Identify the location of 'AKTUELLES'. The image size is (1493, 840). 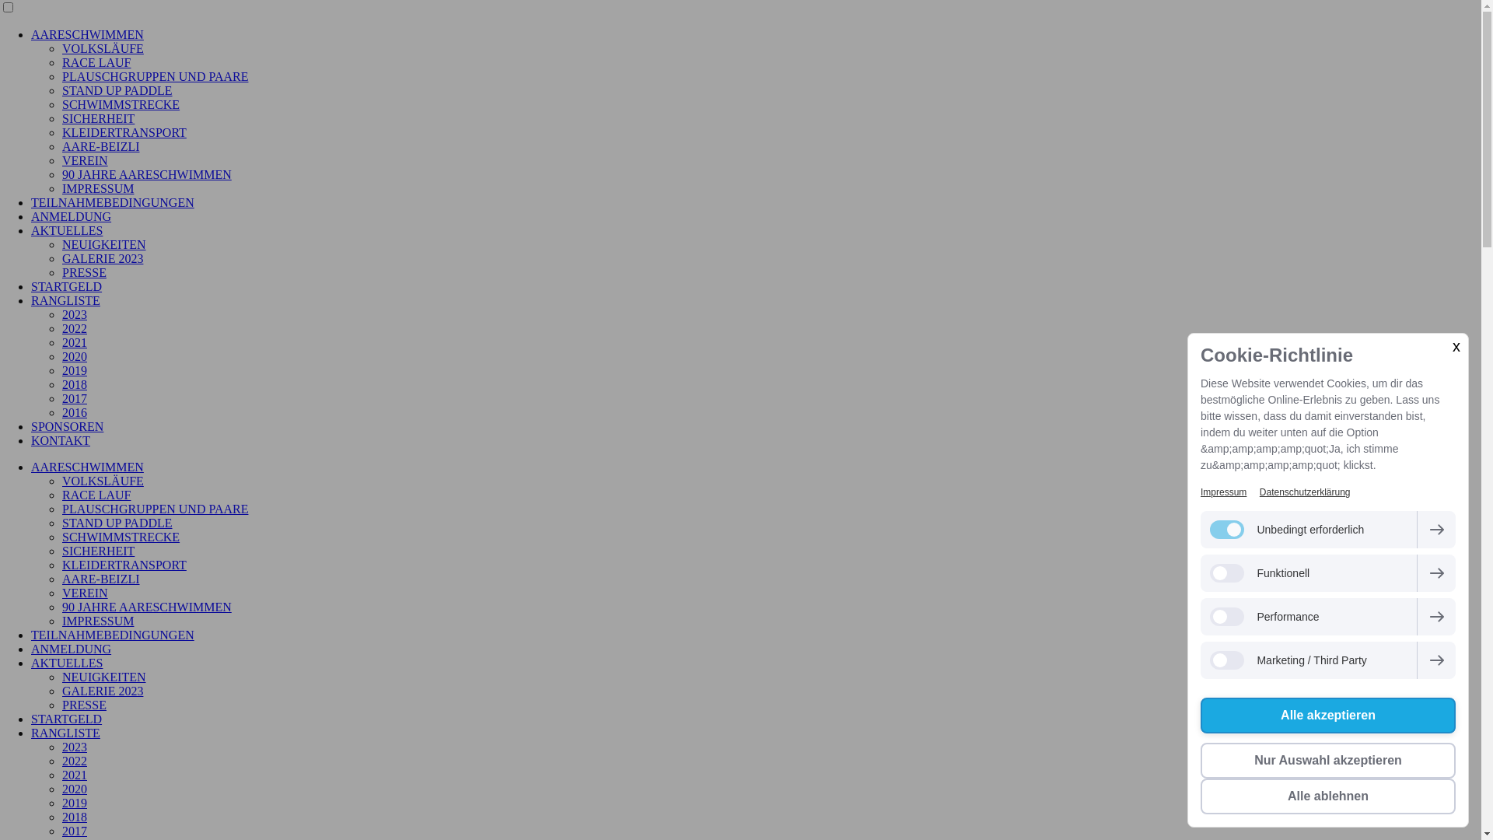
(66, 663).